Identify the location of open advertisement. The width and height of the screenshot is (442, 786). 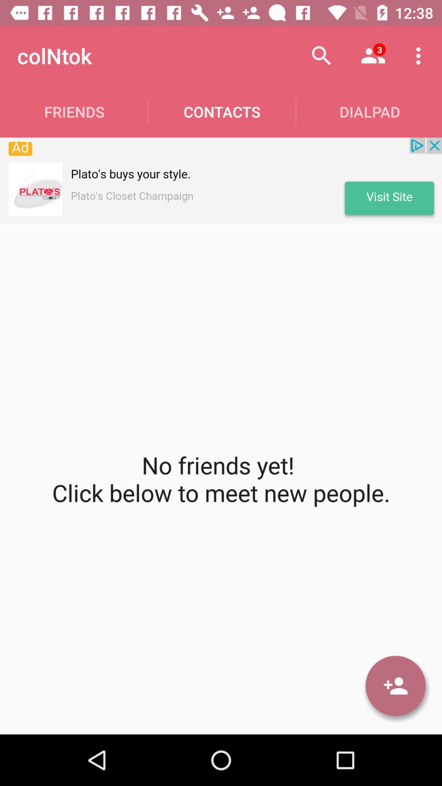
(221, 180).